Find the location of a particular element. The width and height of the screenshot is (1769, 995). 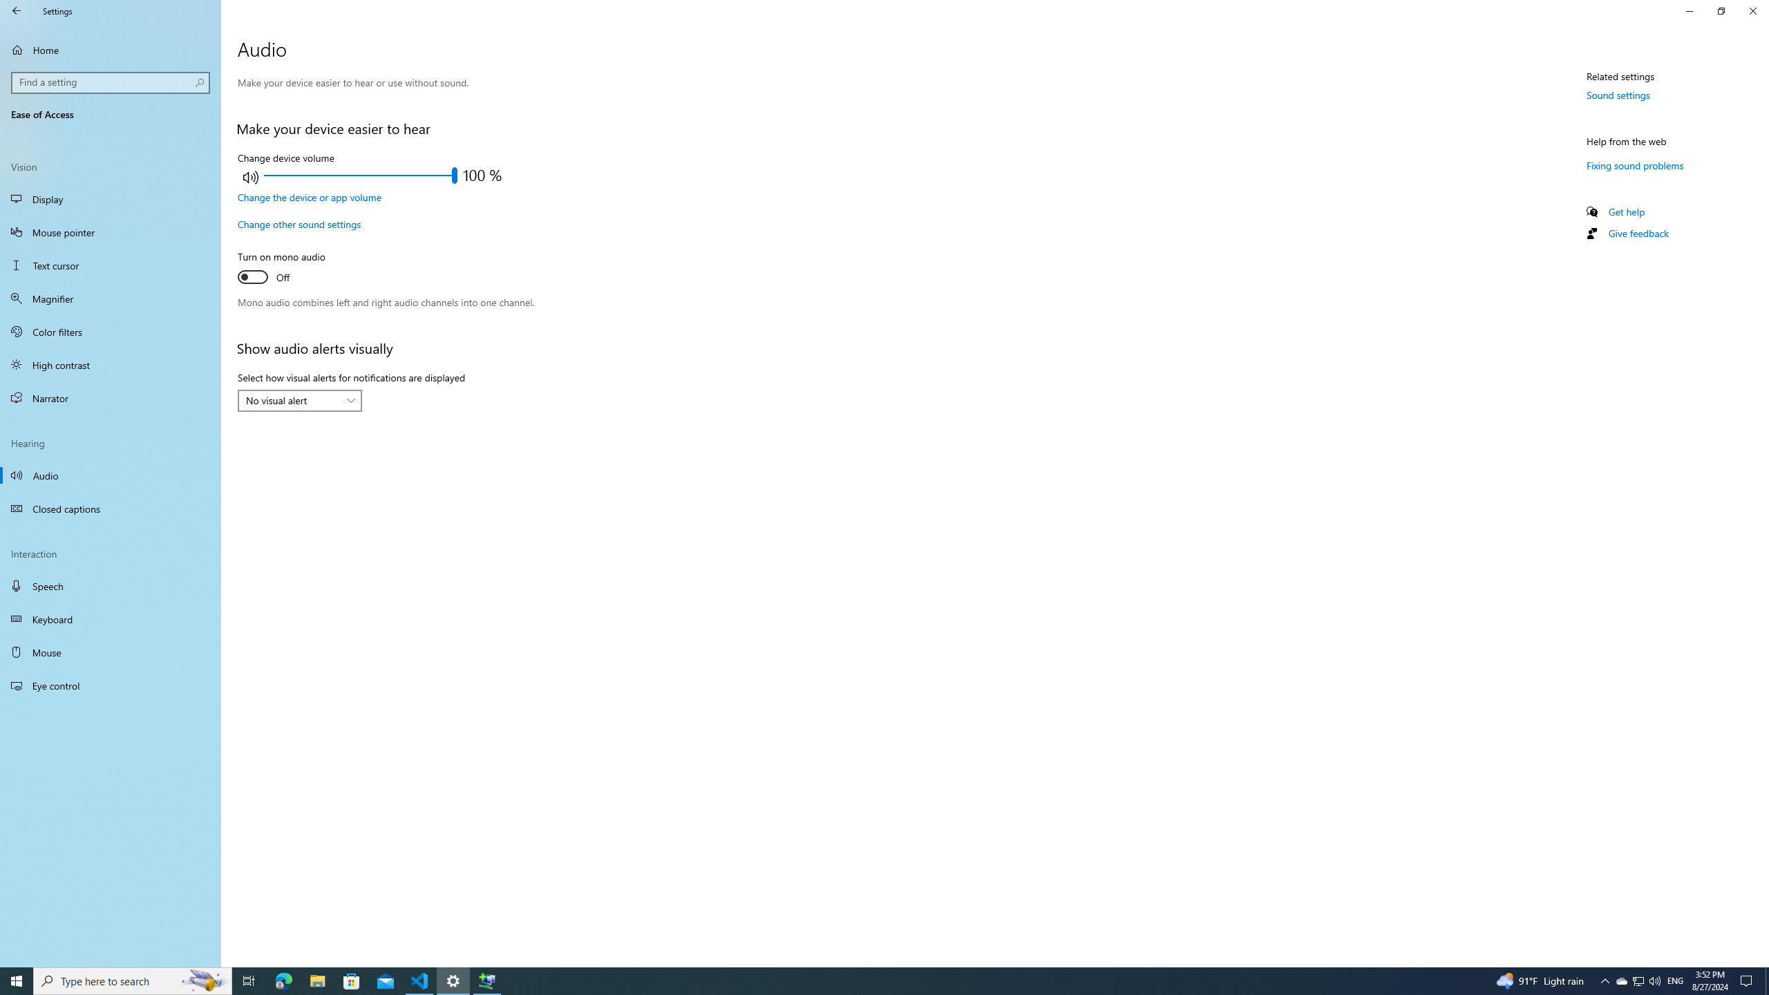

'Narrator' is located at coordinates (110, 397).